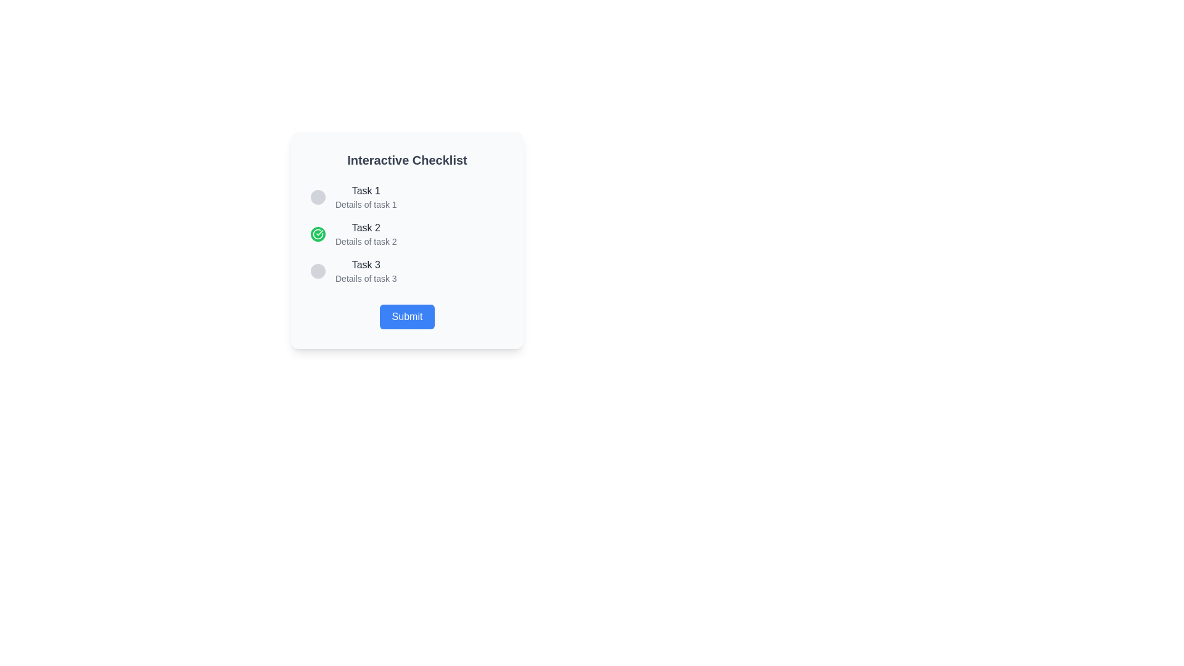 The width and height of the screenshot is (1184, 666). Describe the element at coordinates (365, 270) in the screenshot. I see `the text label that reads 'Task 3', which is the third item in a checklist-style interface, positioned below 'Task 2' and above the 'Submit' button` at that location.